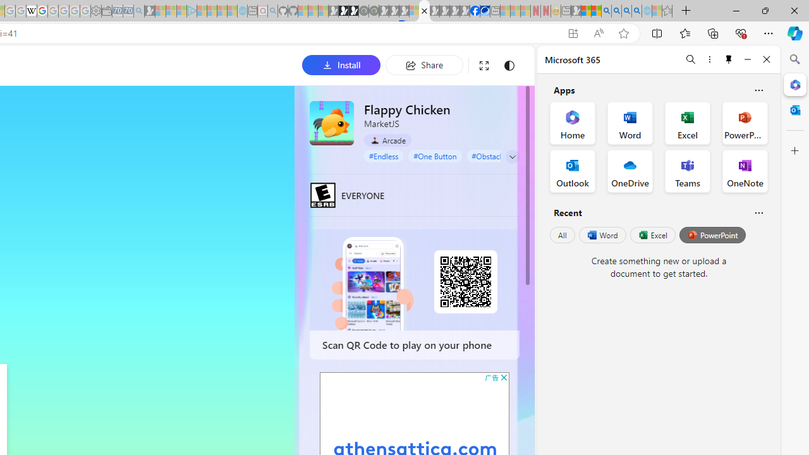 Image resolution: width=809 pixels, height=455 pixels. I want to click on 'Word Office App', so click(630, 123).